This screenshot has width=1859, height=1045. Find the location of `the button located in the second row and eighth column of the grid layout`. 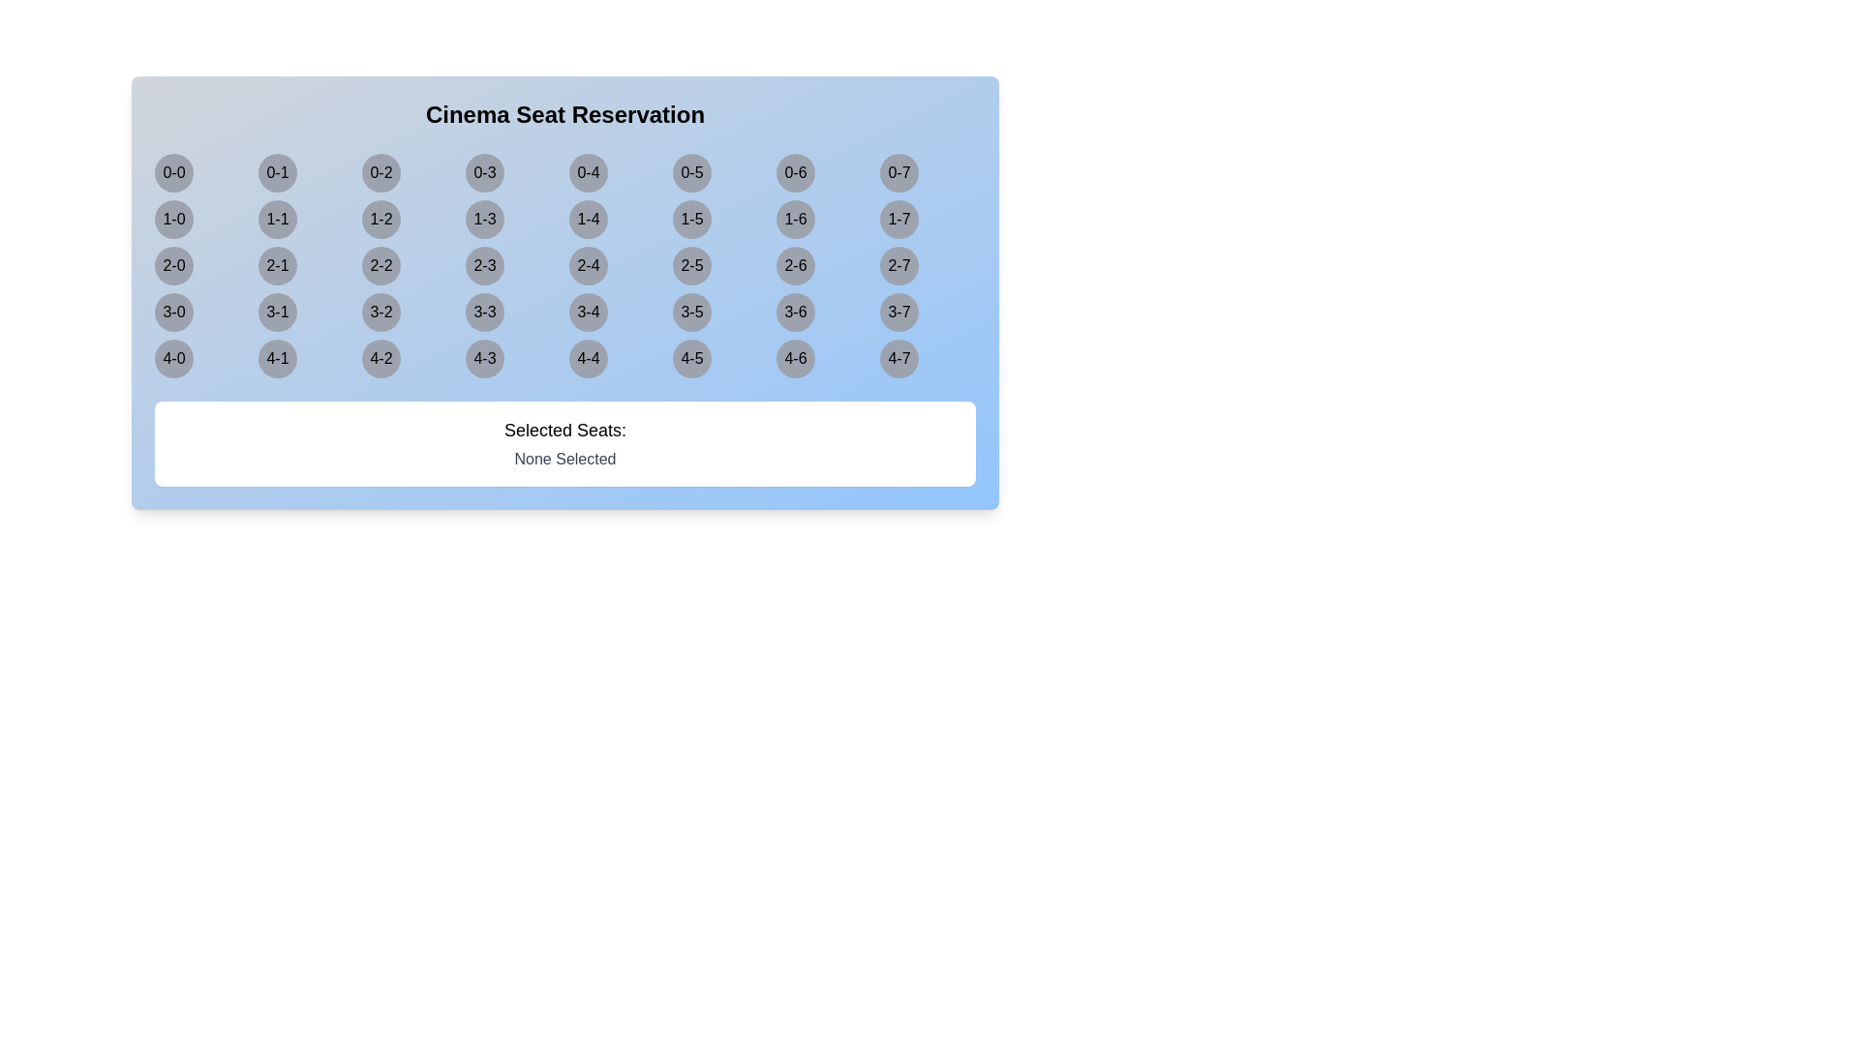

the button located in the second row and eighth column of the grid layout is located at coordinates (899, 219).